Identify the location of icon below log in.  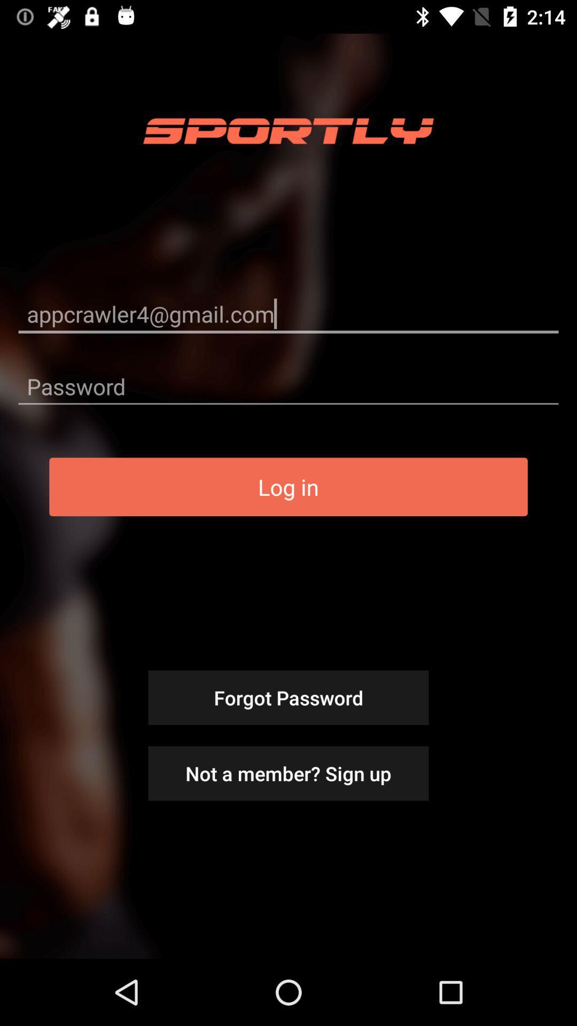
(288, 697).